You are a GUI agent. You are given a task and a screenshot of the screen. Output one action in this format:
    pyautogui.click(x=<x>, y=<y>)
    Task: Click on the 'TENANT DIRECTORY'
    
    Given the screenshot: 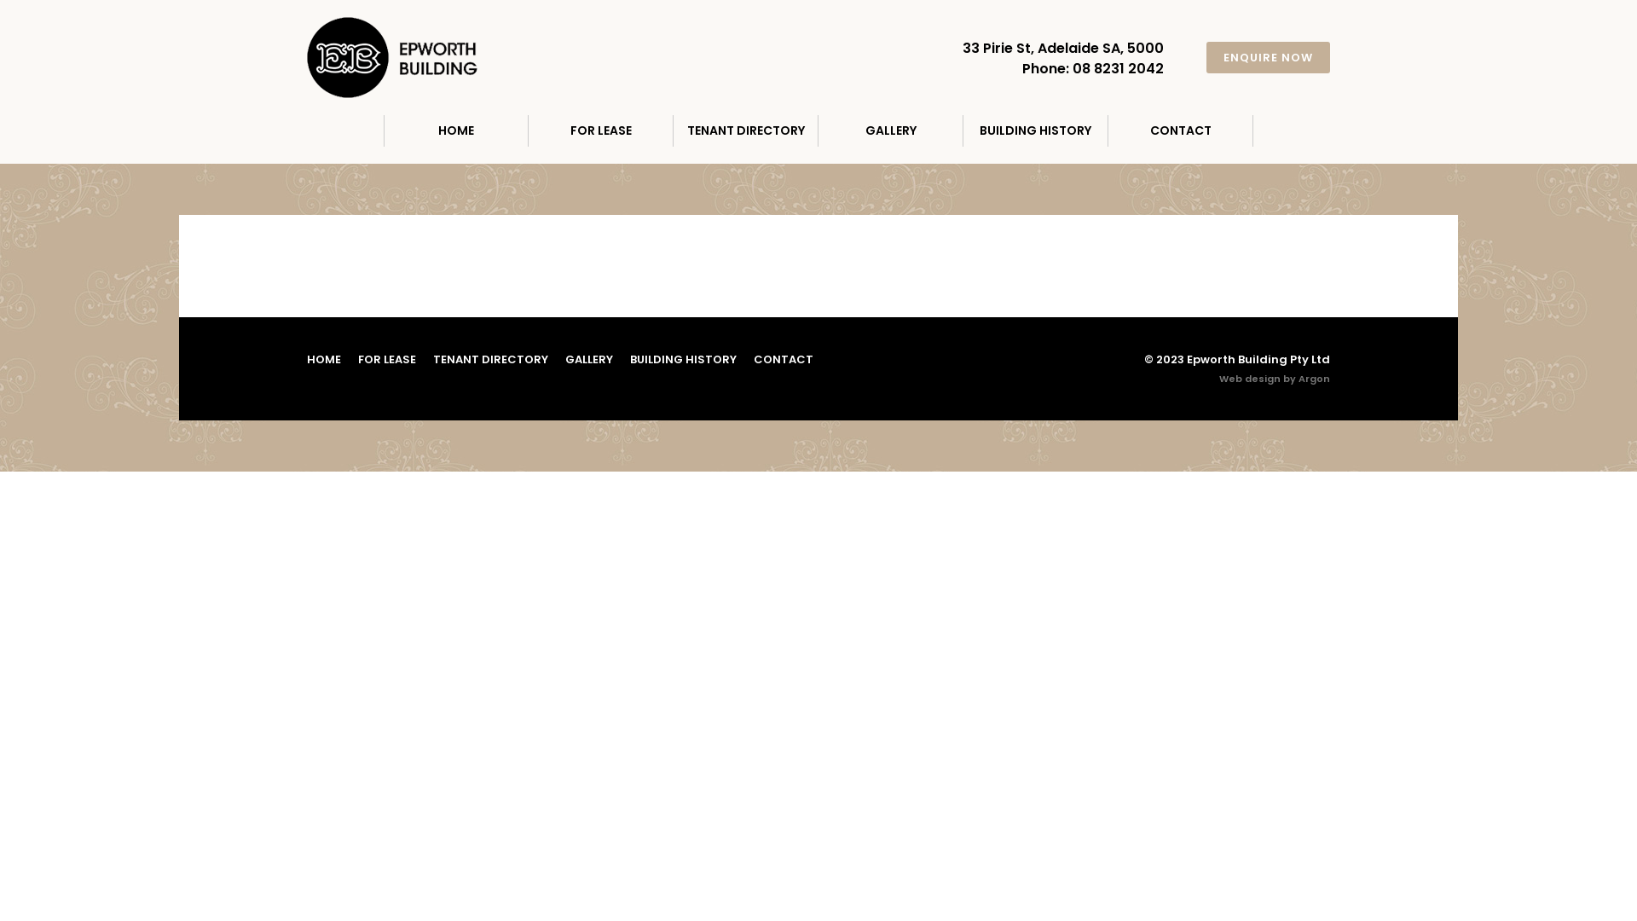 What is the action you would take?
    pyautogui.click(x=489, y=358)
    